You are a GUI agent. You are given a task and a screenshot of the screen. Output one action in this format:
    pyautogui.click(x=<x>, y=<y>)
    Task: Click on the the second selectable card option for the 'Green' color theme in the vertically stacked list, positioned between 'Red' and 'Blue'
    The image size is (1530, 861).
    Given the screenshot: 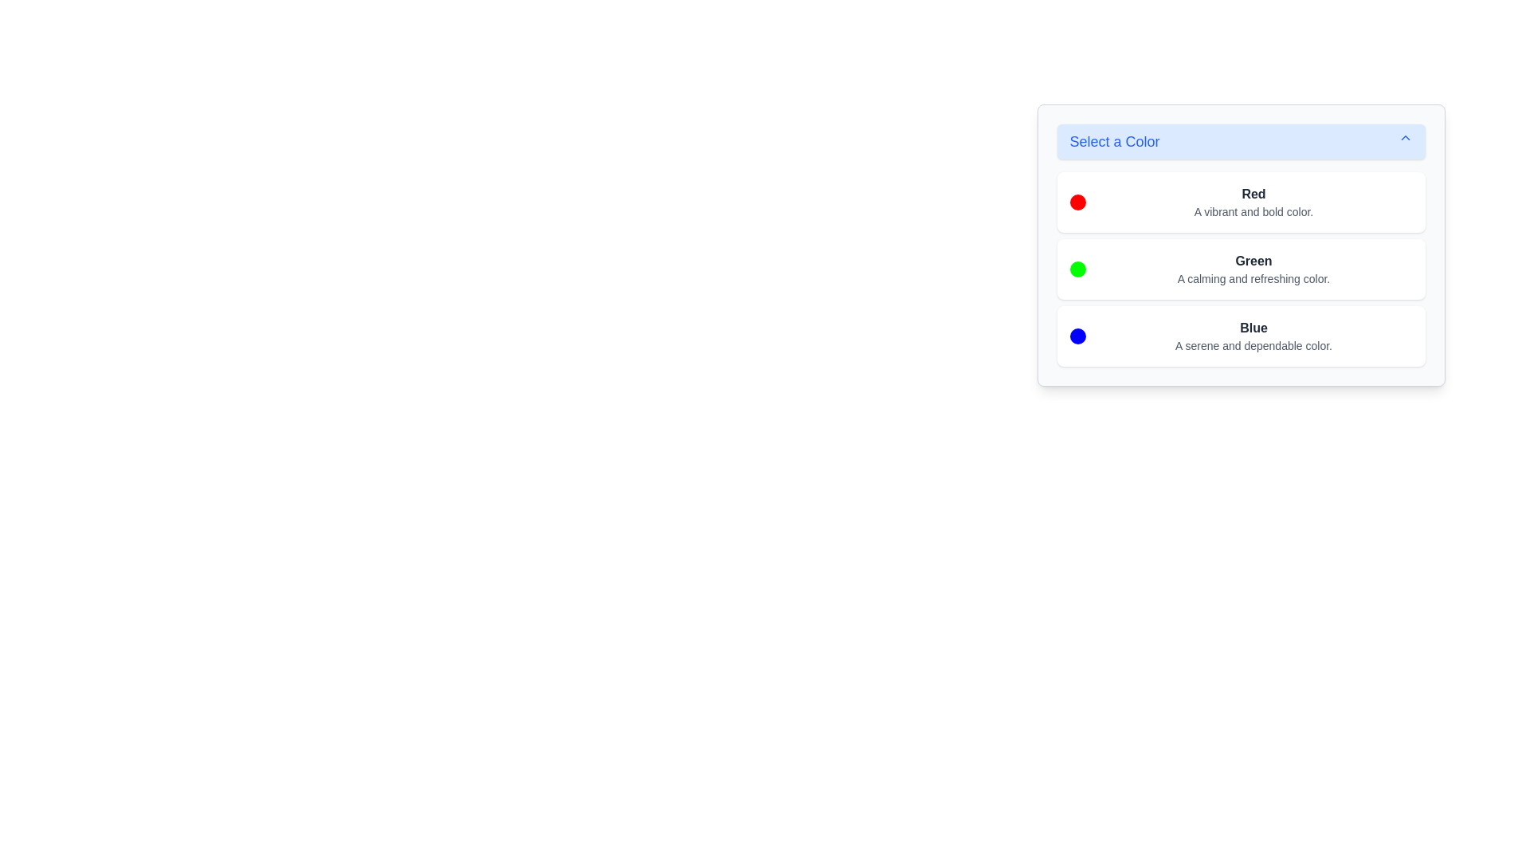 What is the action you would take?
    pyautogui.click(x=1240, y=269)
    